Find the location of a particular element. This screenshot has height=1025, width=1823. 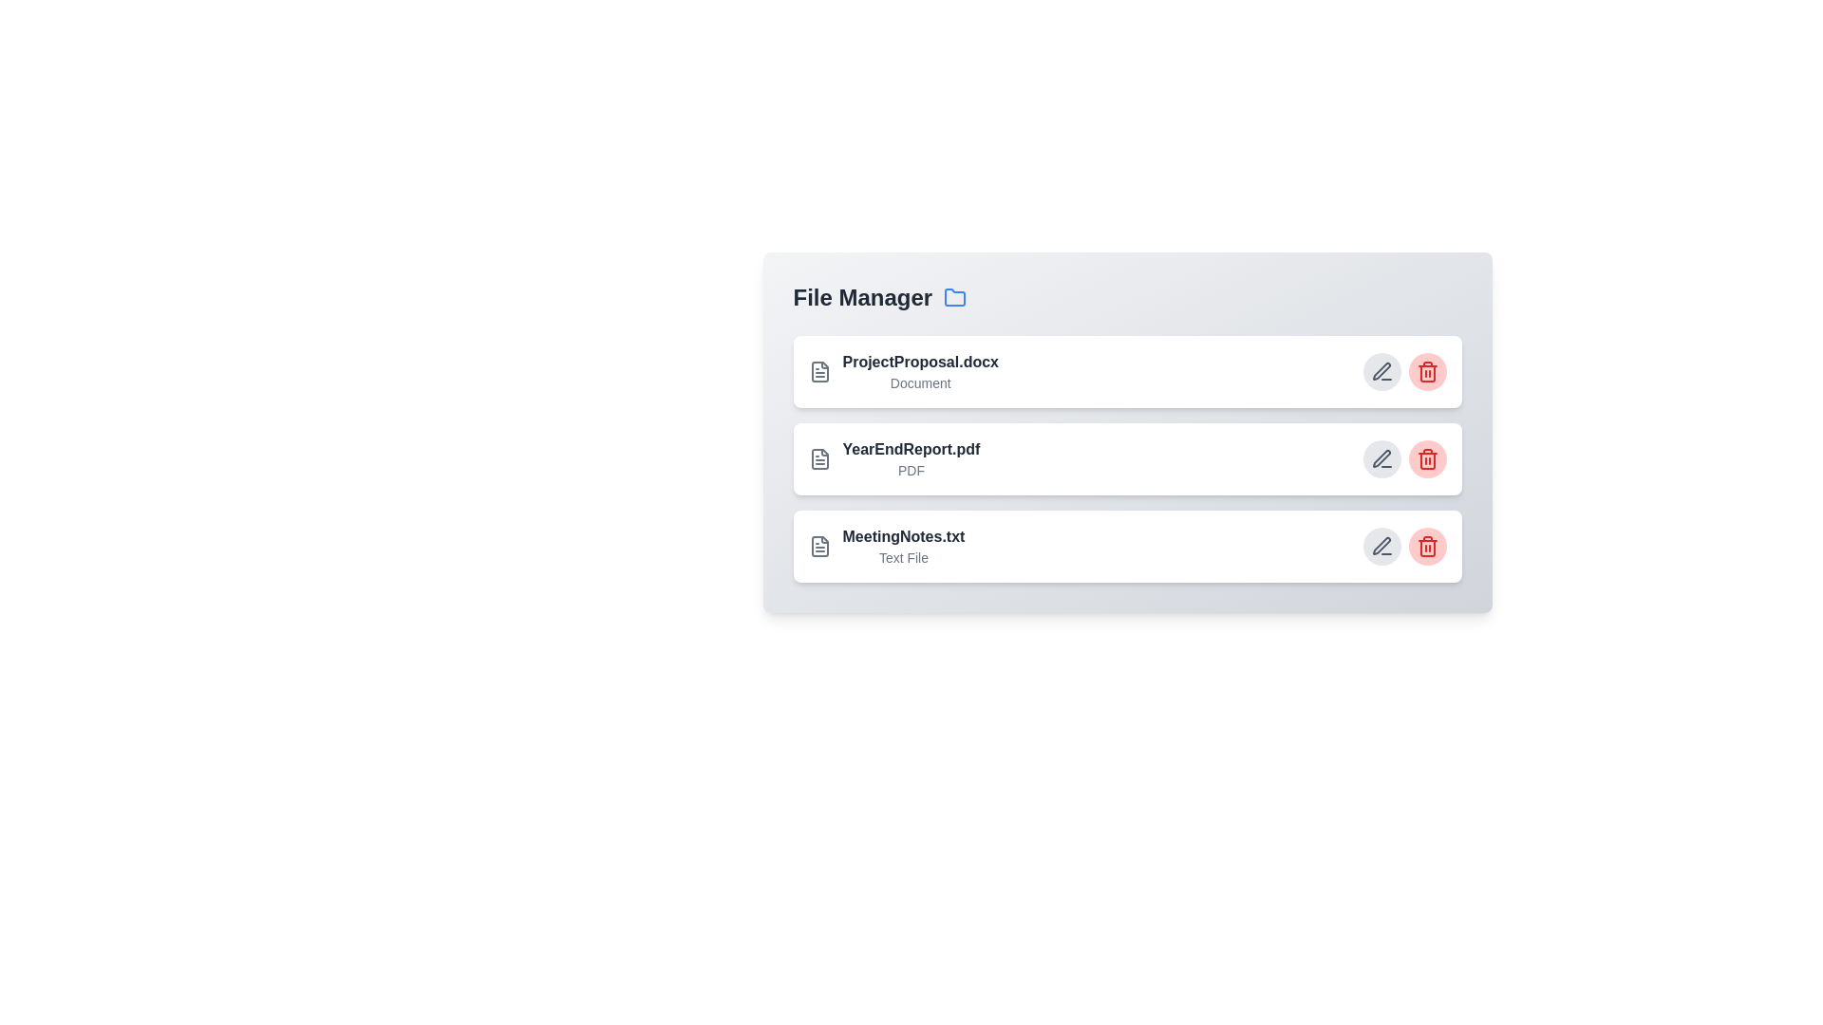

the file entry to reveal additional interaction options is located at coordinates (901, 380).